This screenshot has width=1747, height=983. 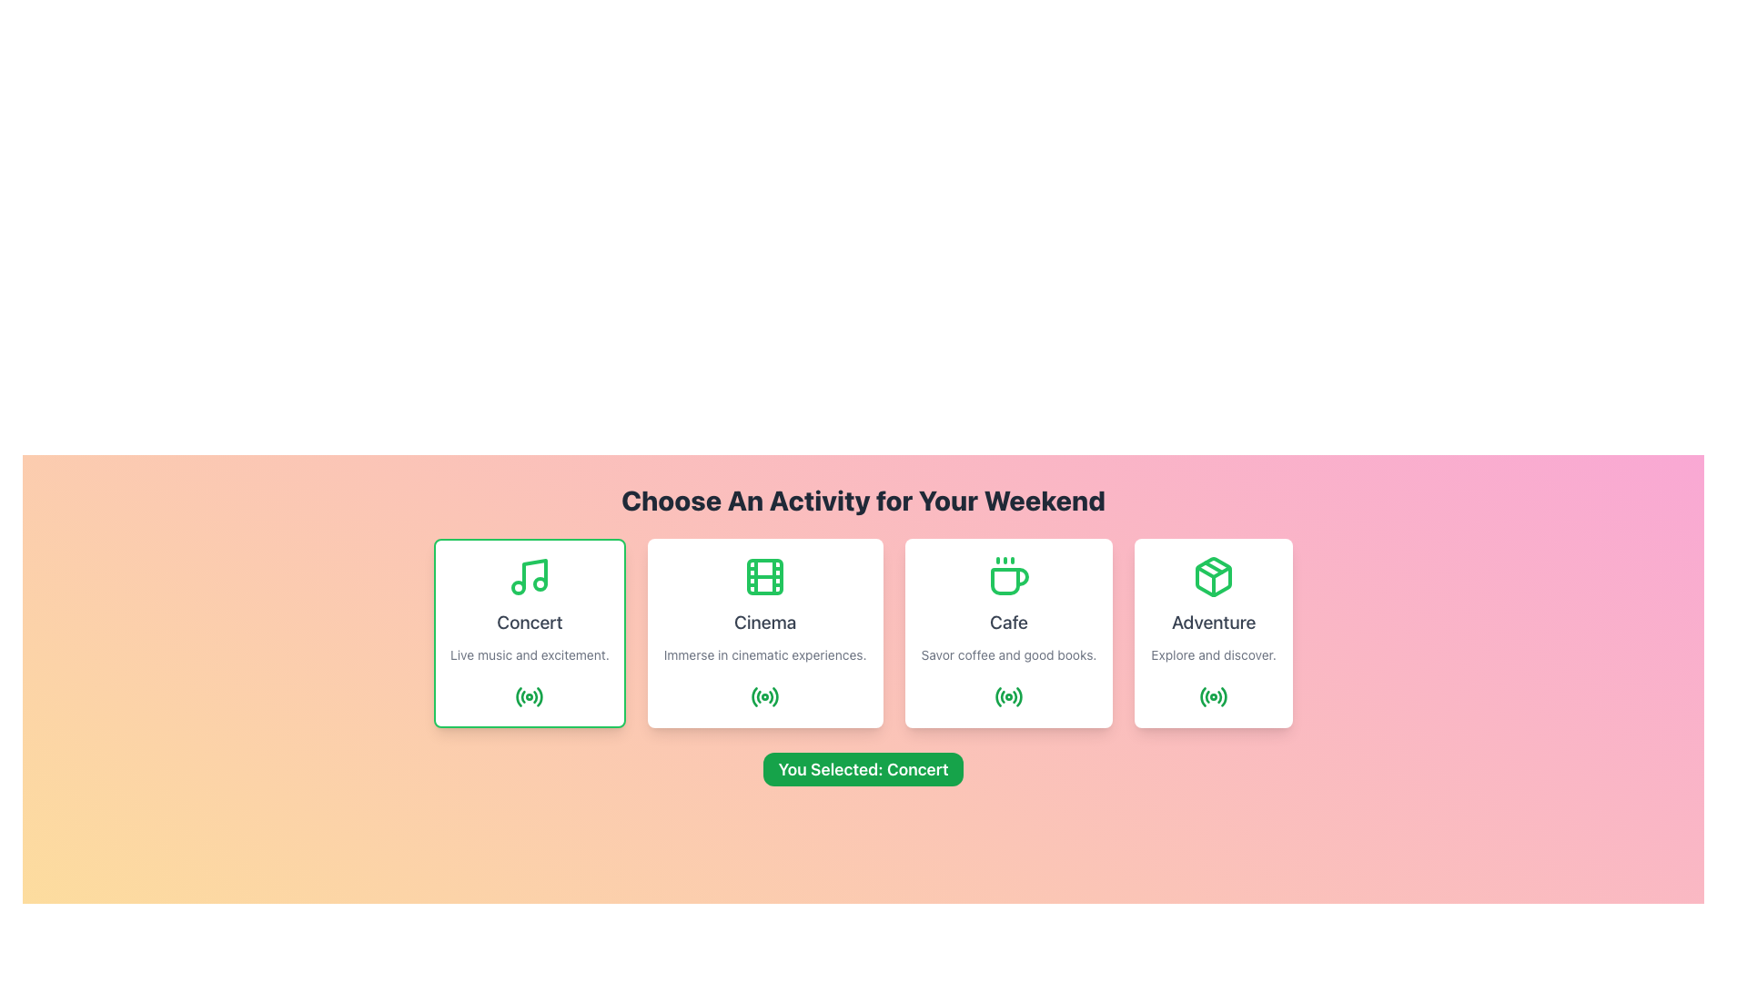 What do you see at coordinates (1214, 696) in the screenshot?
I see `the broadcast signal icon located at the bottom of the 'Adventure' card, directly below the text 'Explore and discover.'` at bounding box center [1214, 696].